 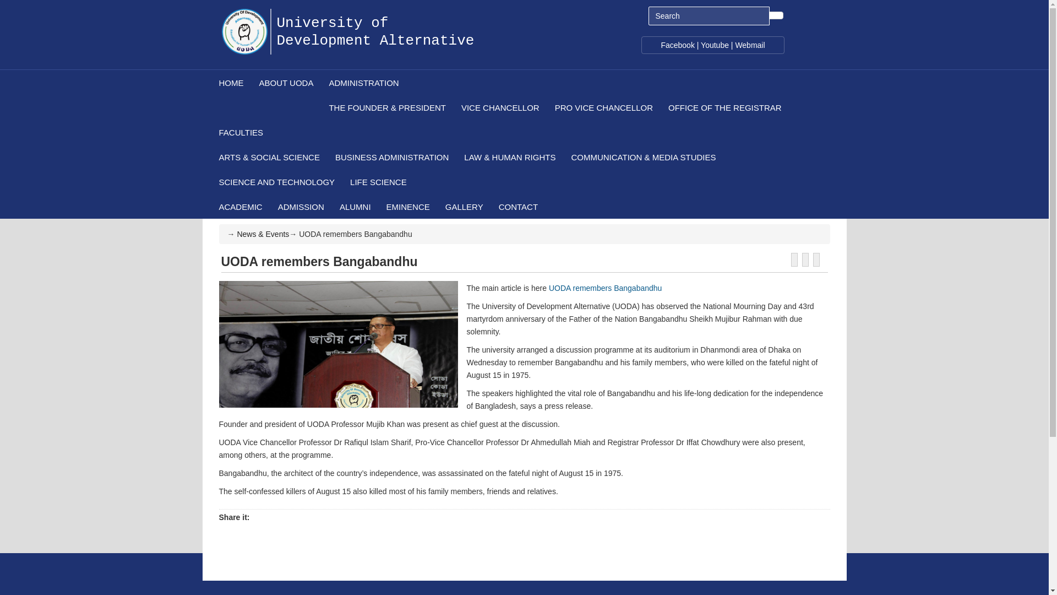 What do you see at coordinates (661, 44) in the screenshot?
I see `'Facebook'` at bounding box center [661, 44].